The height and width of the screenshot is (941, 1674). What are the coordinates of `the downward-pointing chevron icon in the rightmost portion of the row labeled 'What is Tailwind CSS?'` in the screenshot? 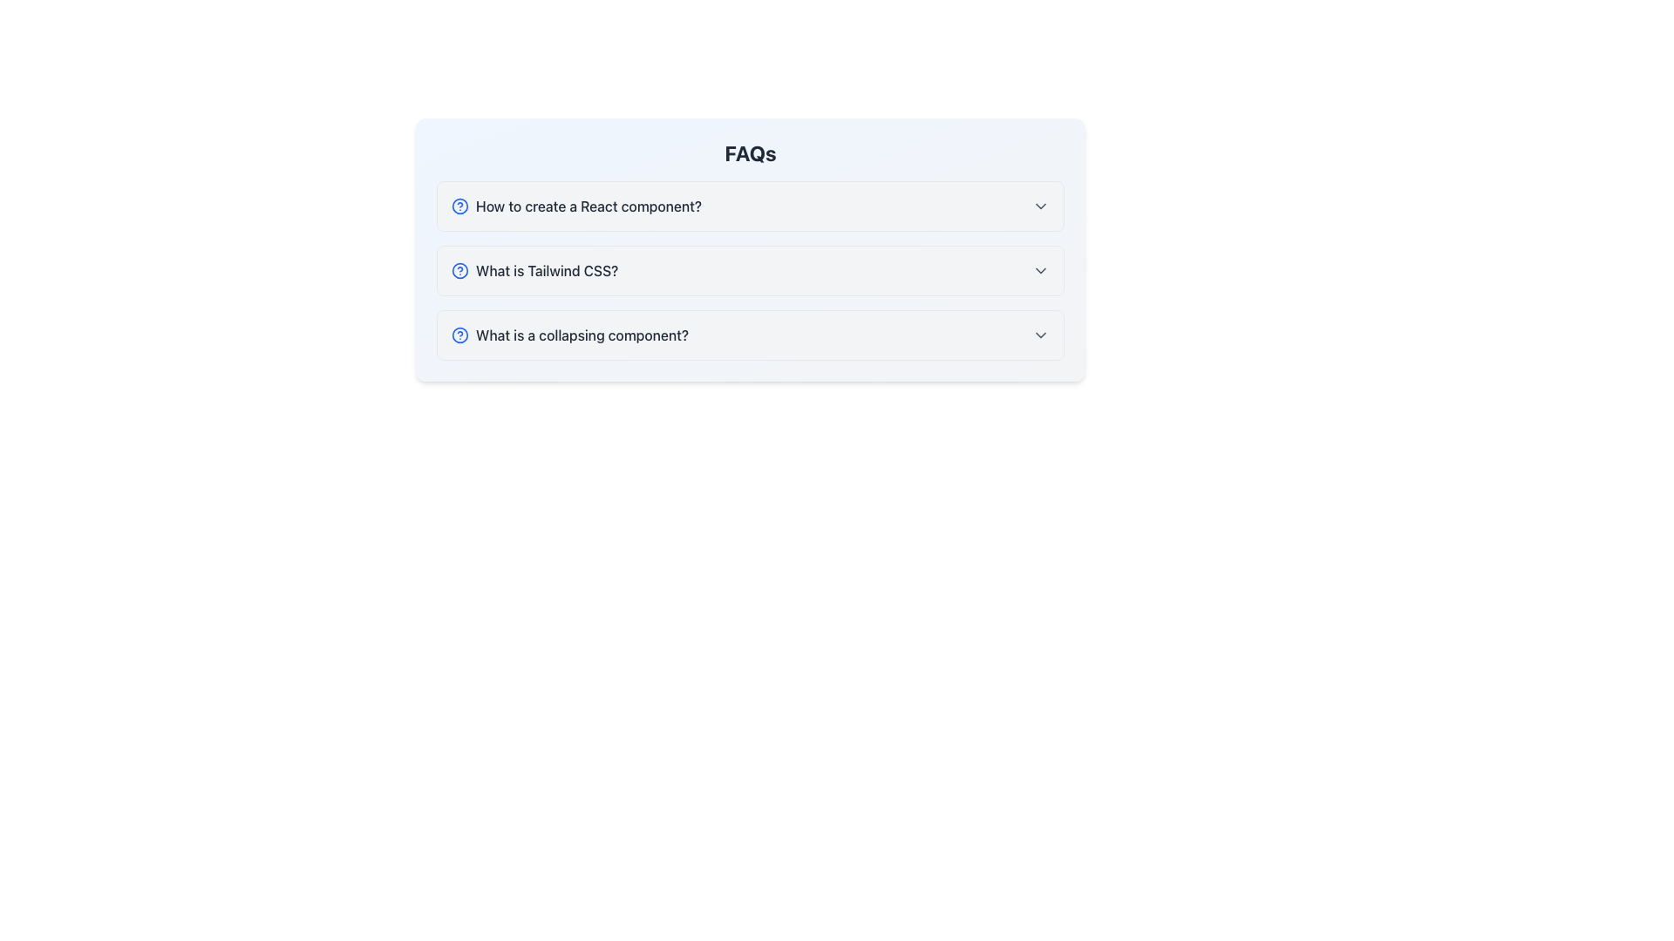 It's located at (1041, 271).